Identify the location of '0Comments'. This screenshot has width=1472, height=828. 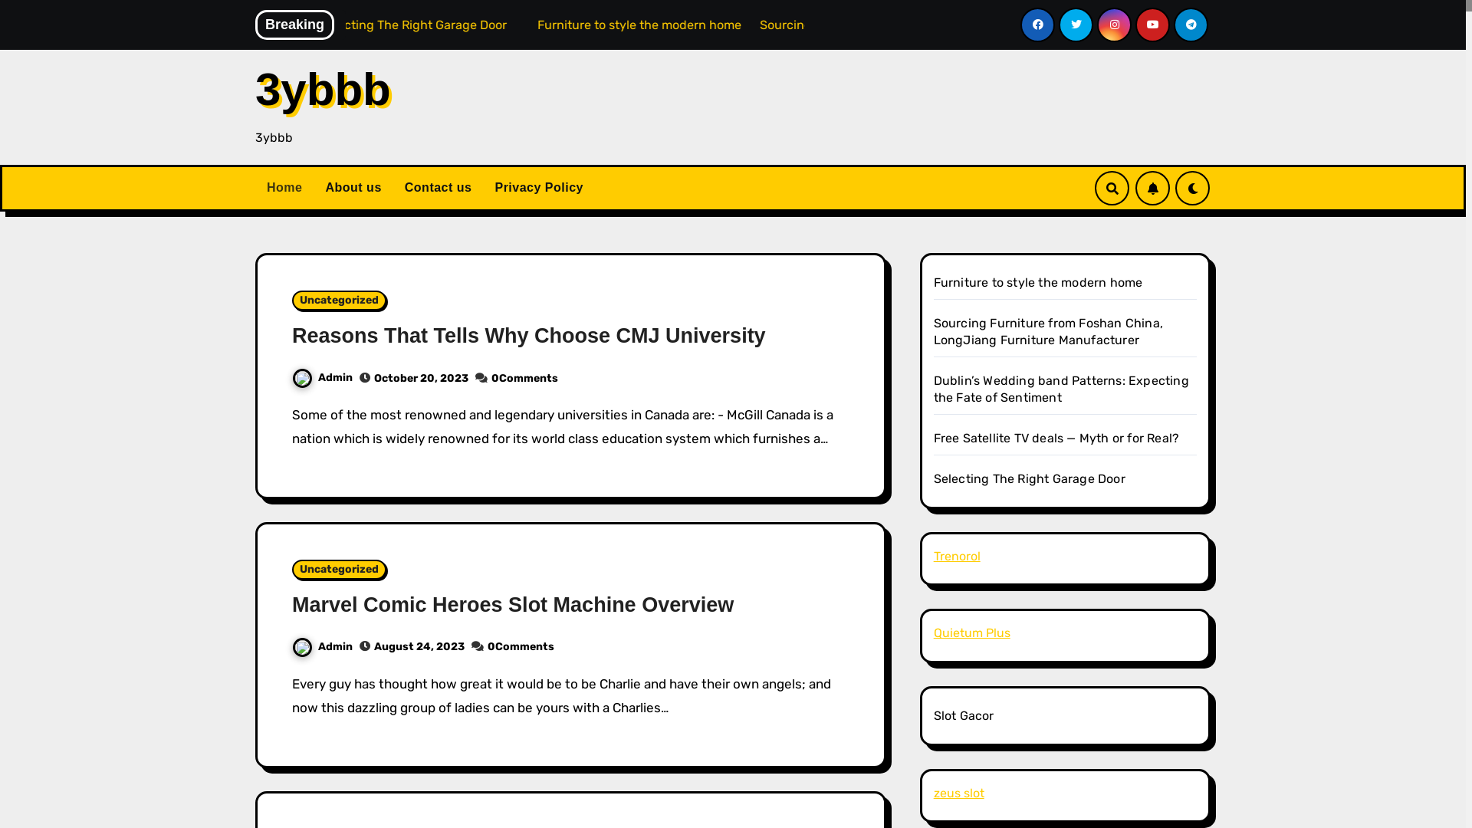
(521, 646).